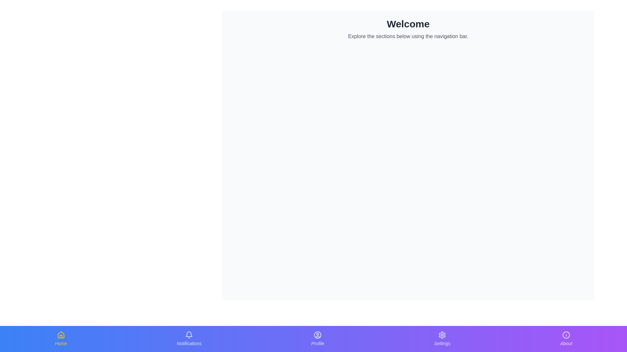  Describe the element at coordinates (566, 335) in the screenshot. I see `the decorative circular element in the SVG icon located in the bottom navigation bar, which is the fifth icon from the left, above the 'About' label` at that location.